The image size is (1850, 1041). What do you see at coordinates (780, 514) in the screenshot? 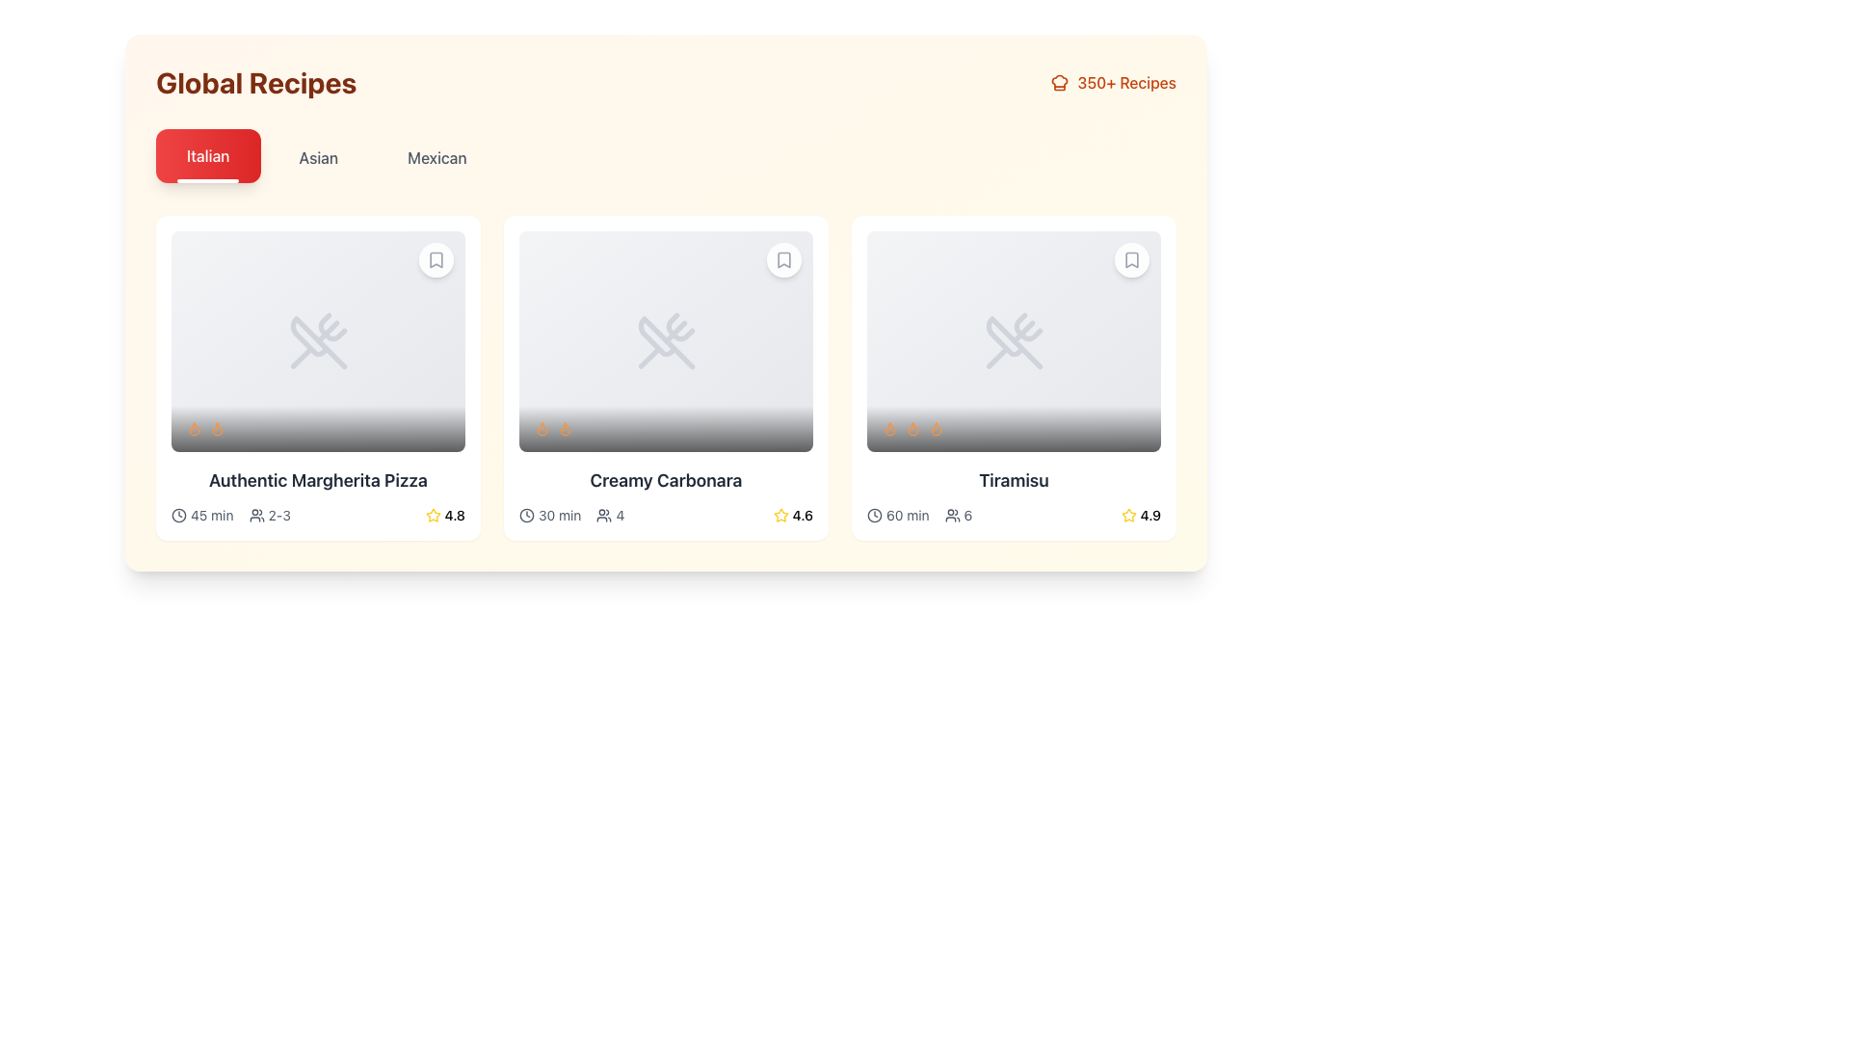
I see `the star icon that visually represents the rating of the 'Creamy Carbonara' recipe, located at the bottom center of the recipe card` at bounding box center [780, 514].